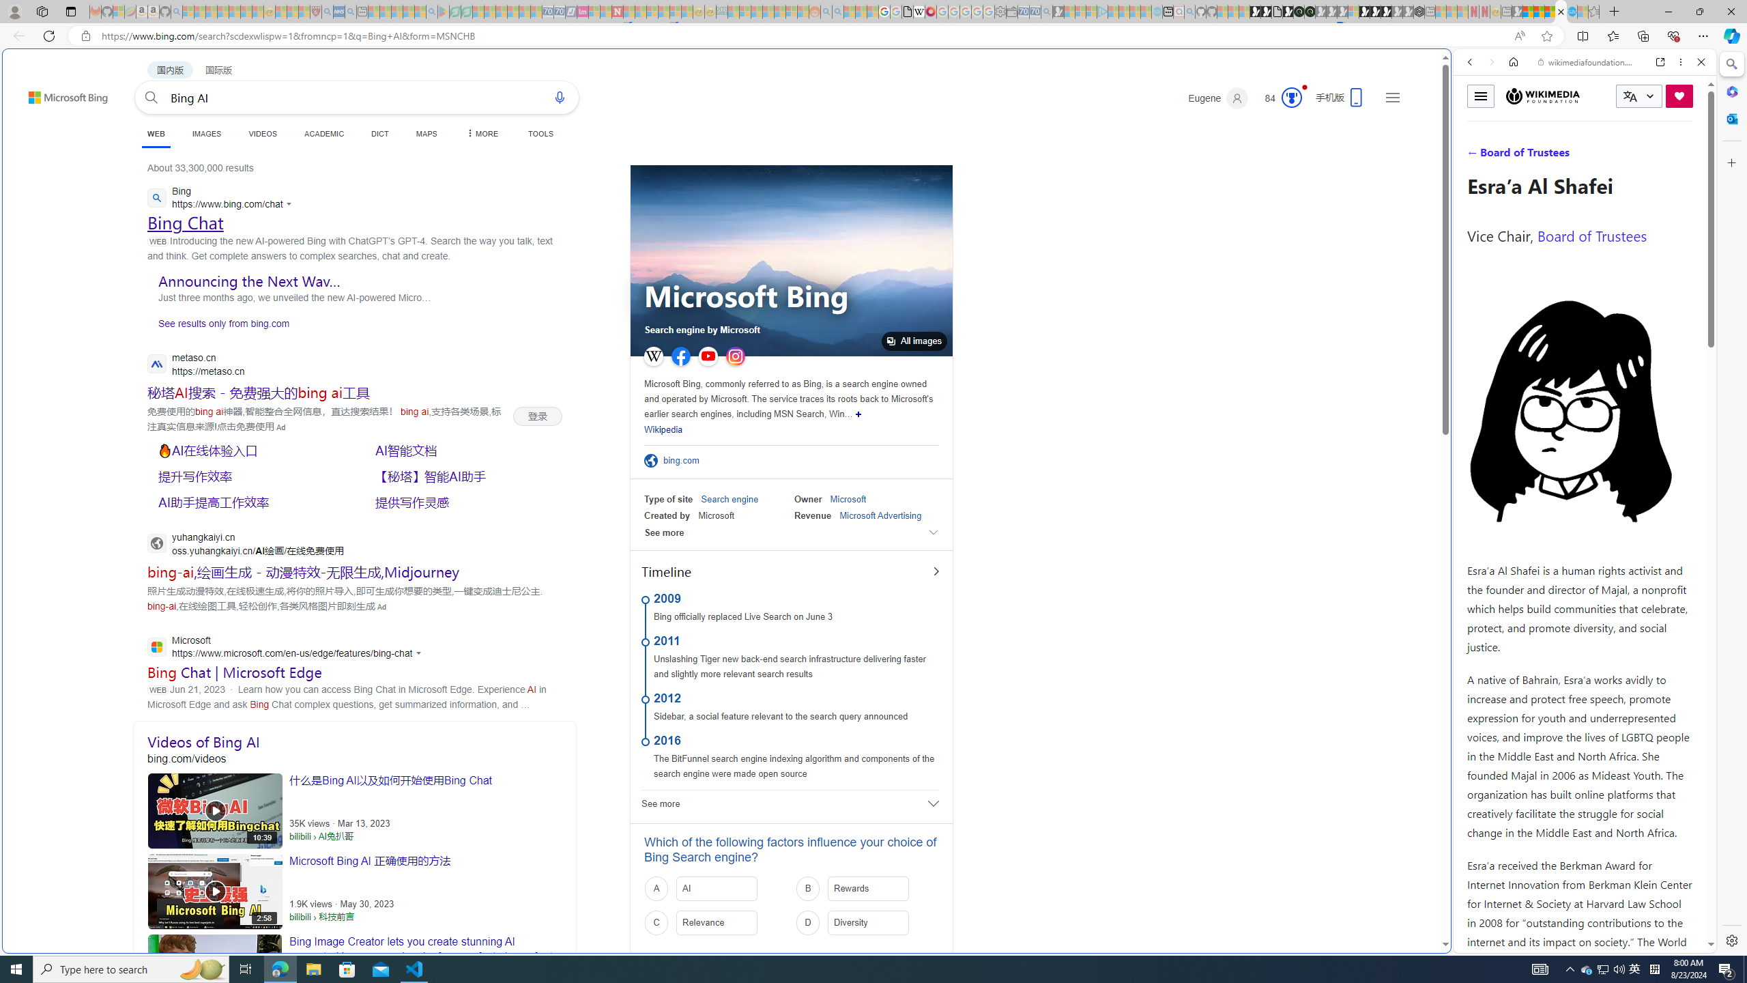  Describe the element at coordinates (809, 499) in the screenshot. I see `'Owner'` at that location.